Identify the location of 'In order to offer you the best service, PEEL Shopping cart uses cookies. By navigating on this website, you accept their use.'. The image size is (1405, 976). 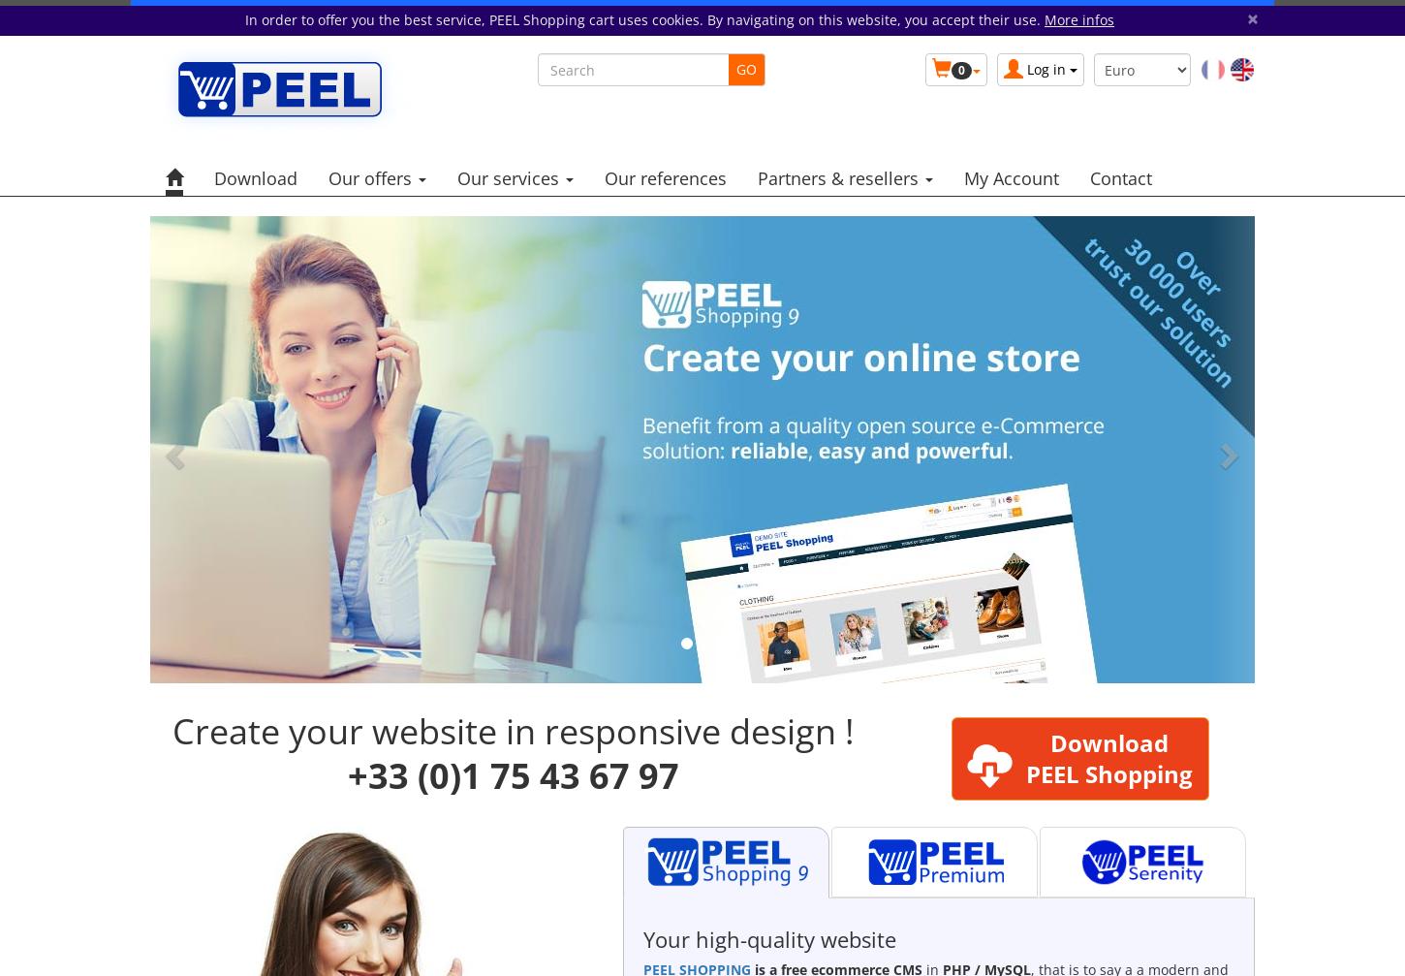
(245, 19).